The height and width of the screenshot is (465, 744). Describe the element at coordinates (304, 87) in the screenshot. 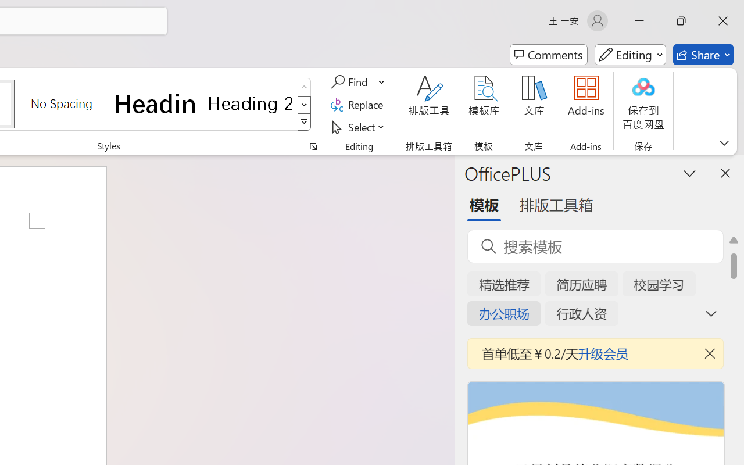

I see `'Row up'` at that location.